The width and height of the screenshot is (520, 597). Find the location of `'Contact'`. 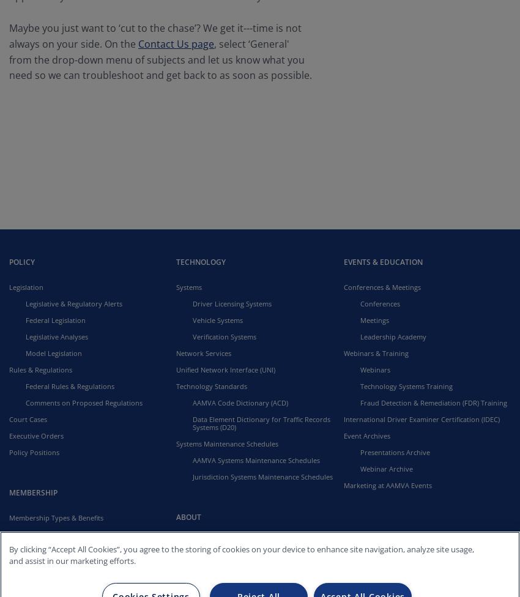

'Contact' is located at coordinates (360, 554).